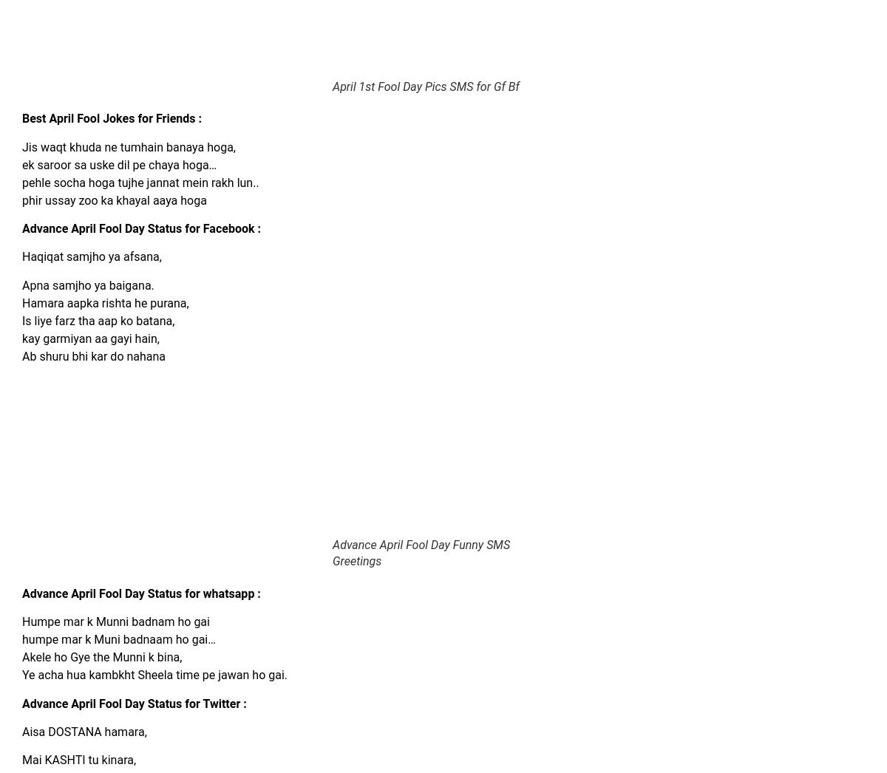 The width and height of the screenshot is (887, 773). I want to click on 'Mai KASHTI tu kinara,', so click(80, 760).